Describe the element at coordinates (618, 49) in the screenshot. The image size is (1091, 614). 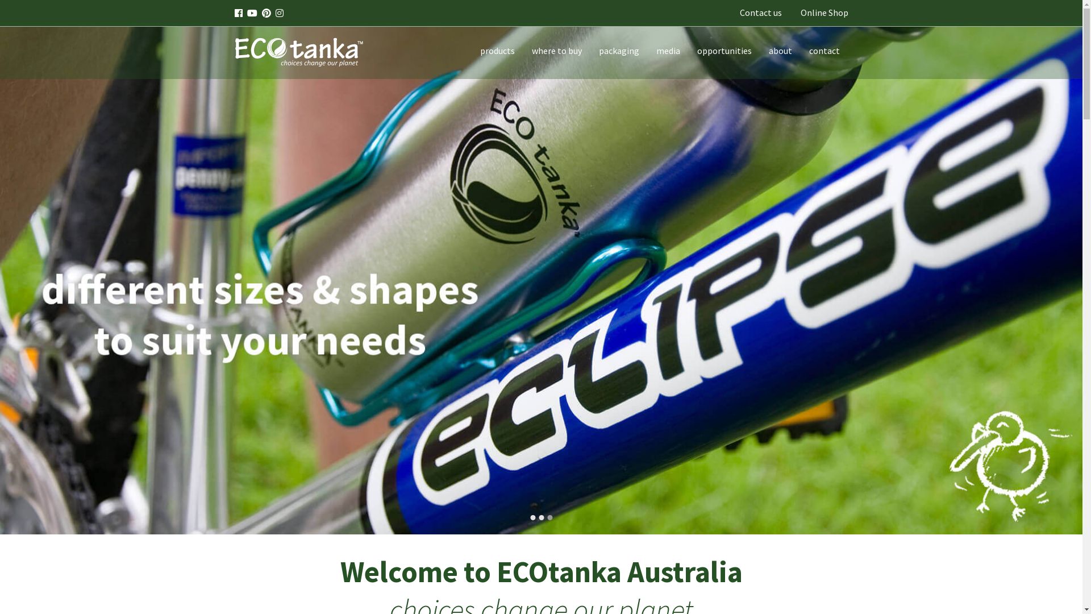
I see `'packaging'` at that location.